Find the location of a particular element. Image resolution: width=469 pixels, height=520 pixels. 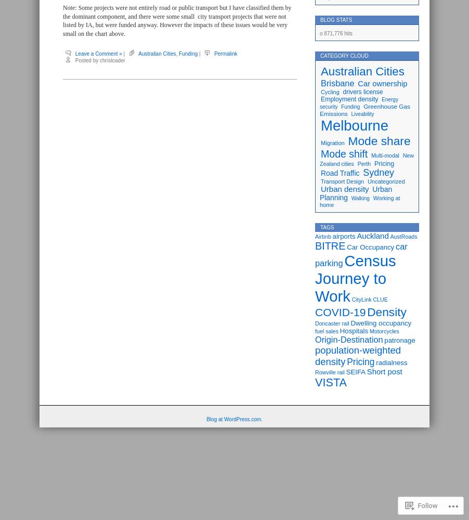

'airports' is located at coordinates (343, 236).